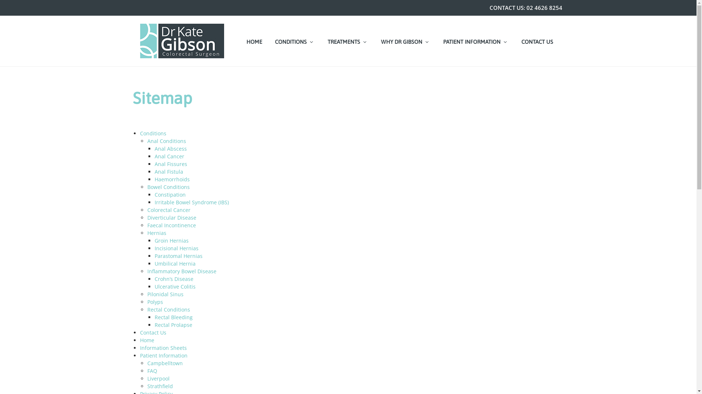 Image resolution: width=702 pixels, height=394 pixels. What do you see at coordinates (168, 309) in the screenshot?
I see `'Rectal Conditions'` at bounding box center [168, 309].